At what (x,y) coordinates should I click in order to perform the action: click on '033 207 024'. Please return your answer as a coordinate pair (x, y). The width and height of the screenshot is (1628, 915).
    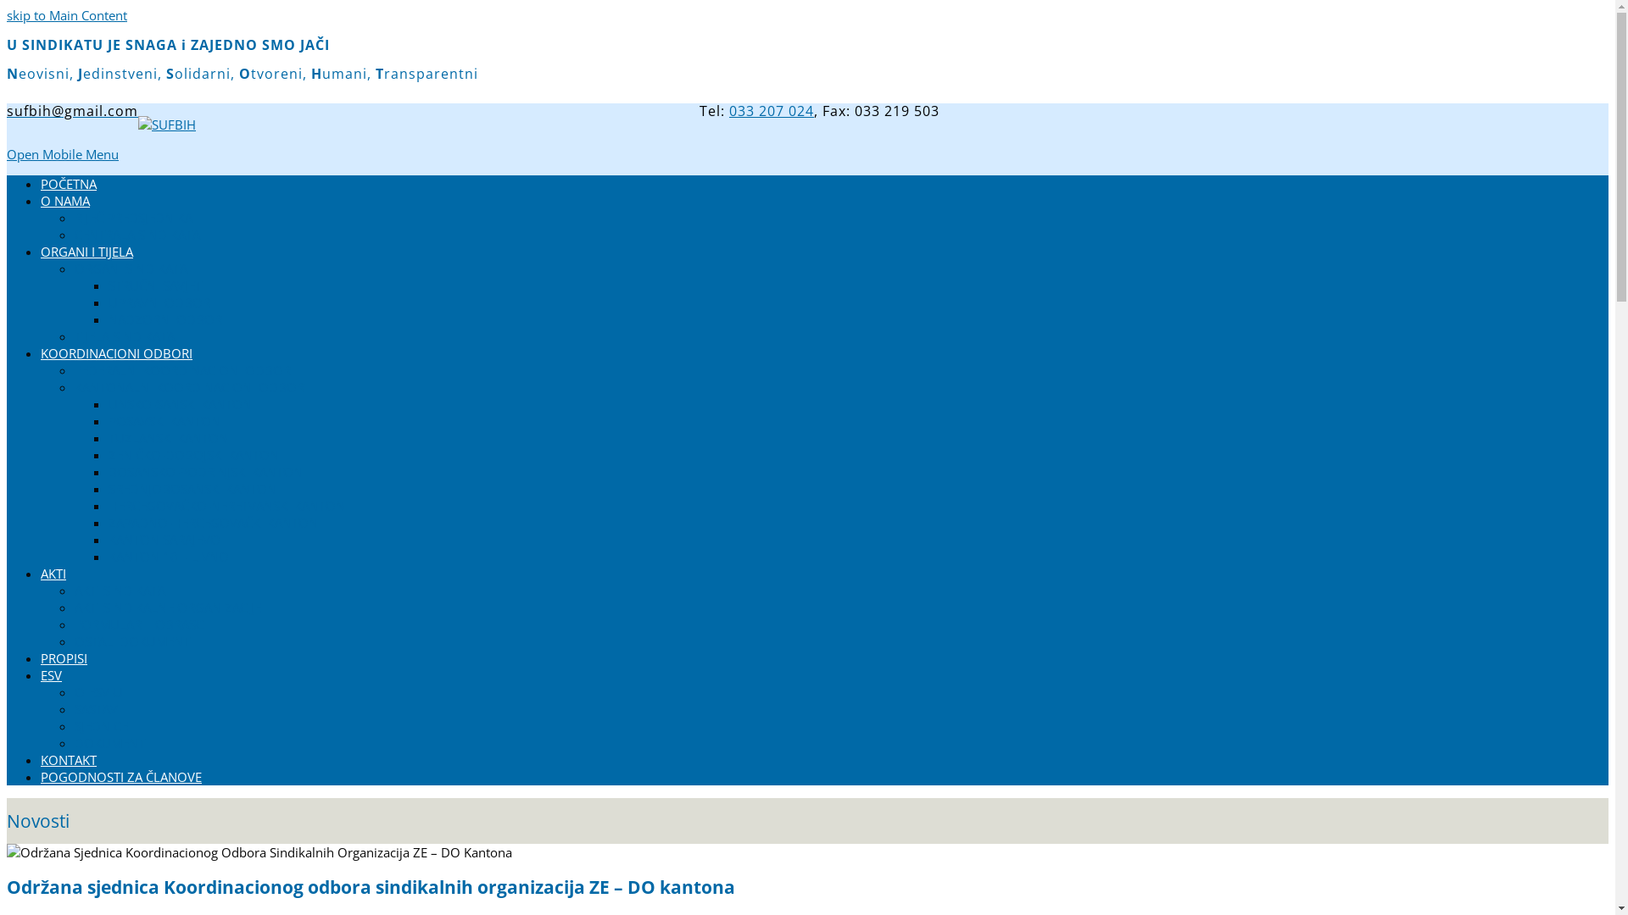
    Looking at the image, I should click on (728, 111).